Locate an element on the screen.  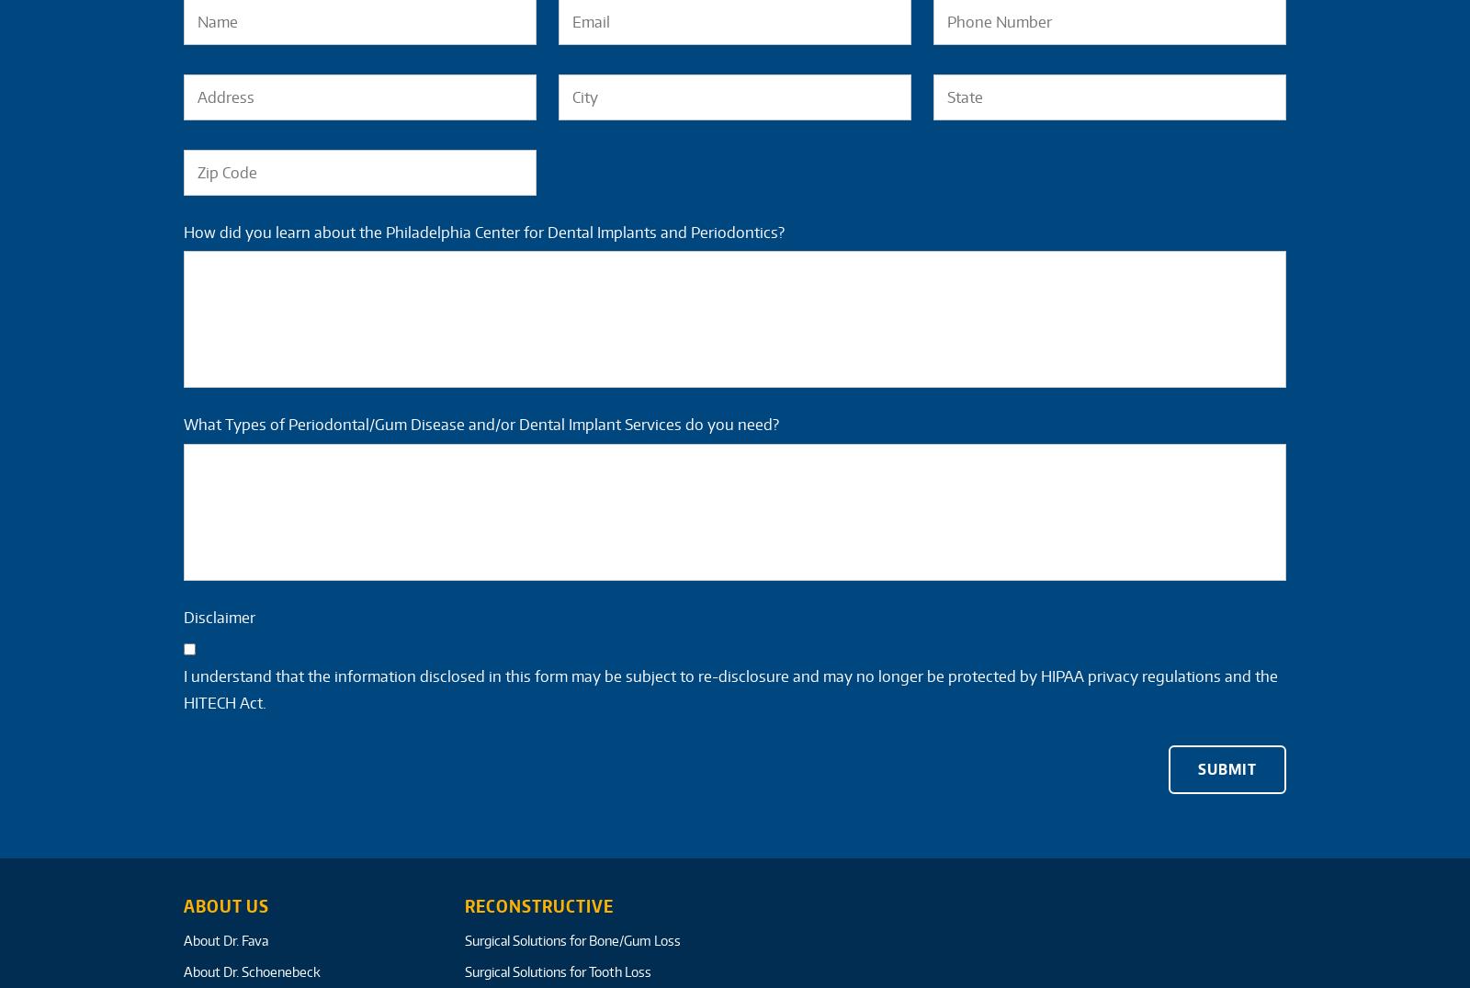
'About Dr. Schoenebeck' is located at coordinates (252, 971).